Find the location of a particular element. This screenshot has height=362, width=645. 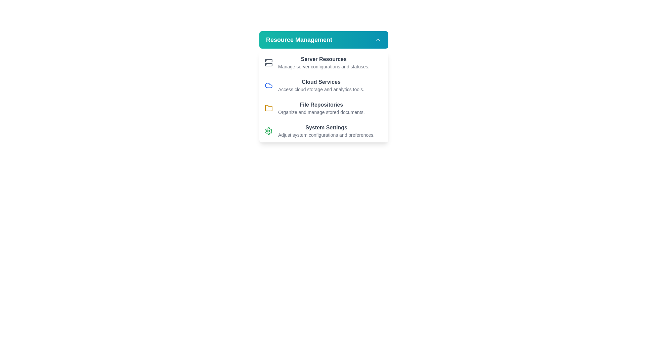

the chevron-up icon located to the right of the 'Resource Management' text in the header section is located at coordinates (378, 40).